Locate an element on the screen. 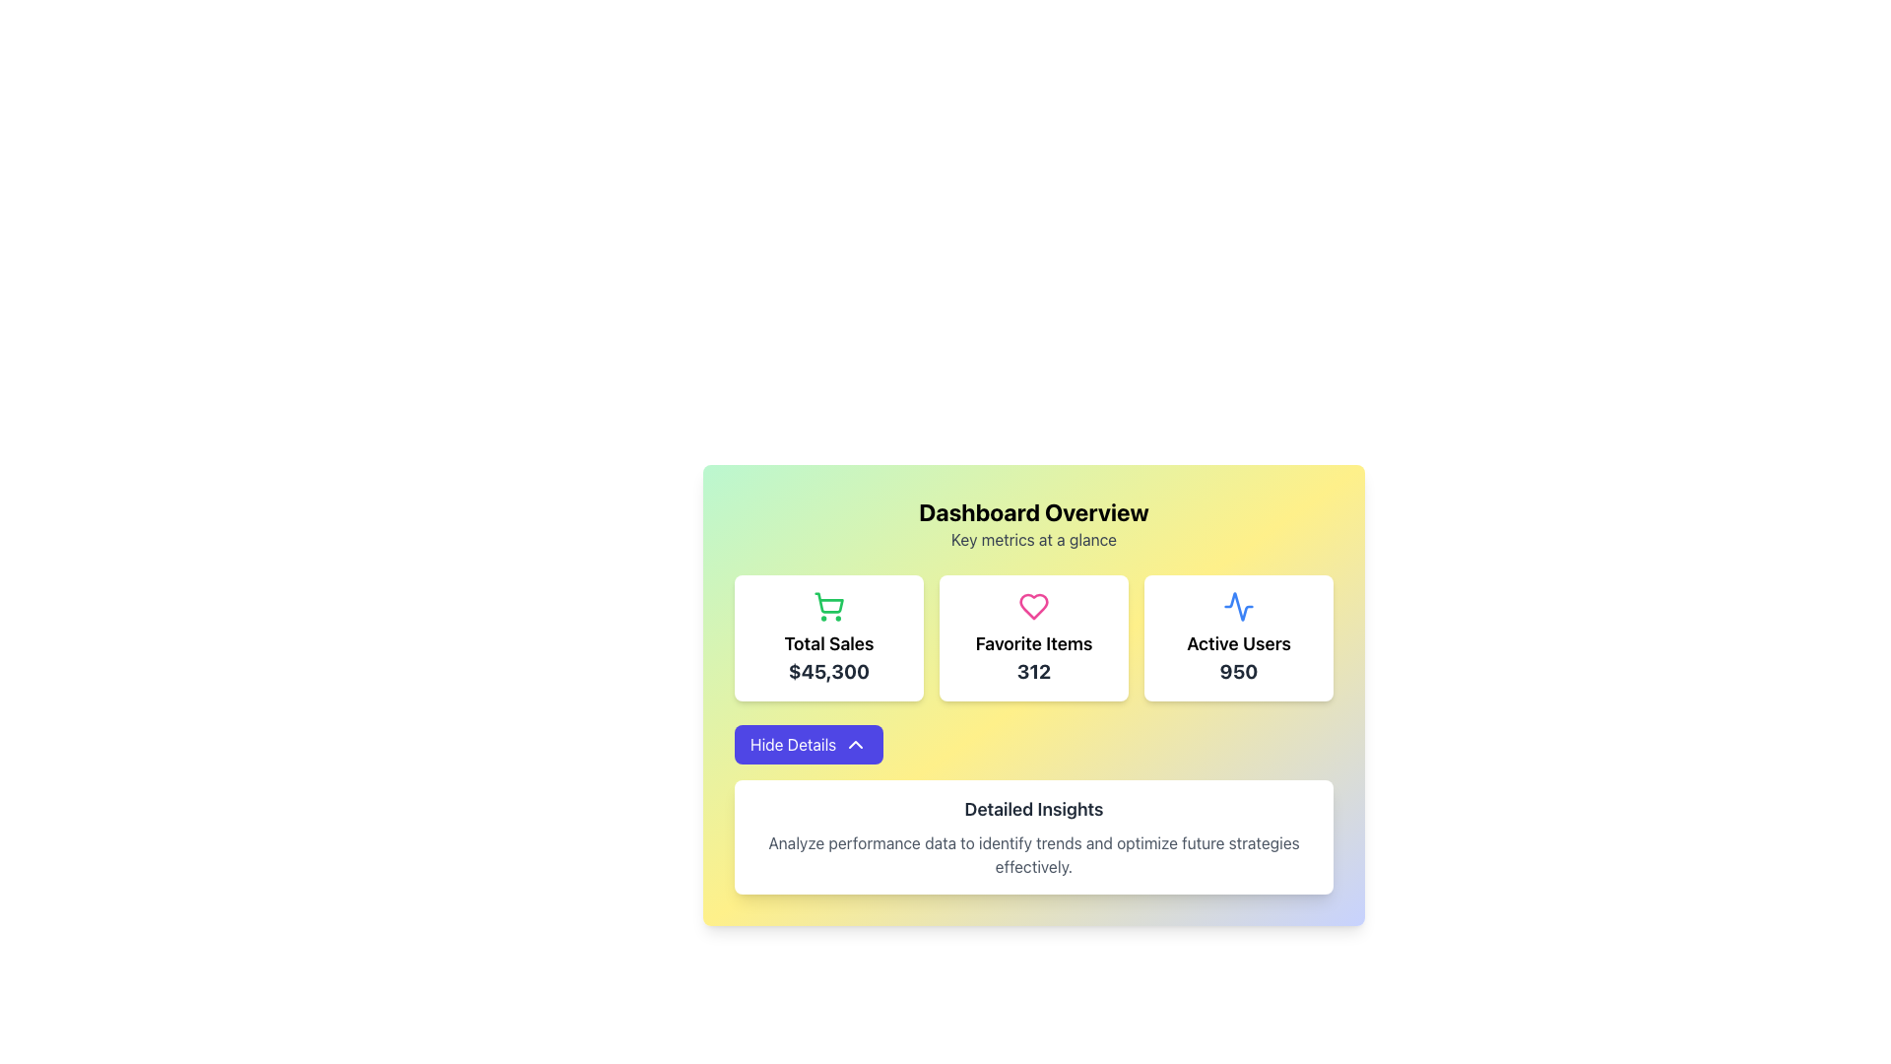  the blue stroke icon resembling an oscillating wave located in the 'Active Users' card on the dashboard is located at coordinates (1237, 606).